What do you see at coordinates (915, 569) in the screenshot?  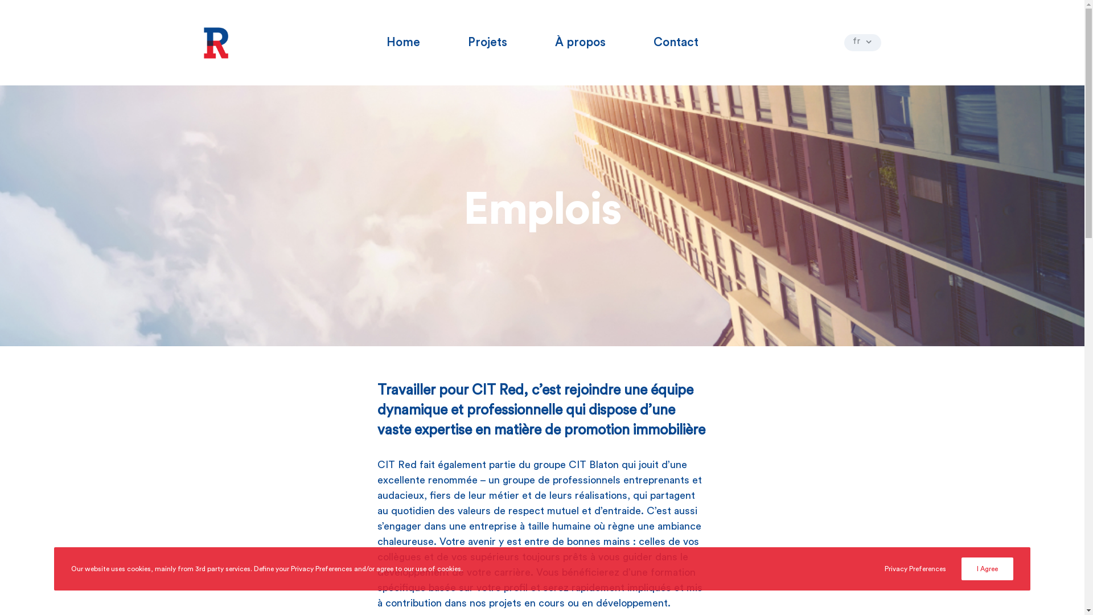 I see `'Privacy Preferences'` at bounding box center [915, 569].